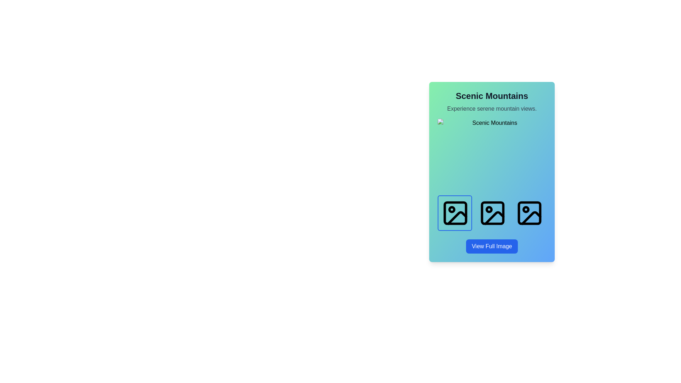 This screenshot has height=383, width=681. What do you see at coordinates (451, 209) in the screenshot?
I see `the decorative or informative Icon marker located in the left icon of the trio of landscape icons near the bottom of the card labeled 'Scenic Mountains'` at bounding box center [451, 209].